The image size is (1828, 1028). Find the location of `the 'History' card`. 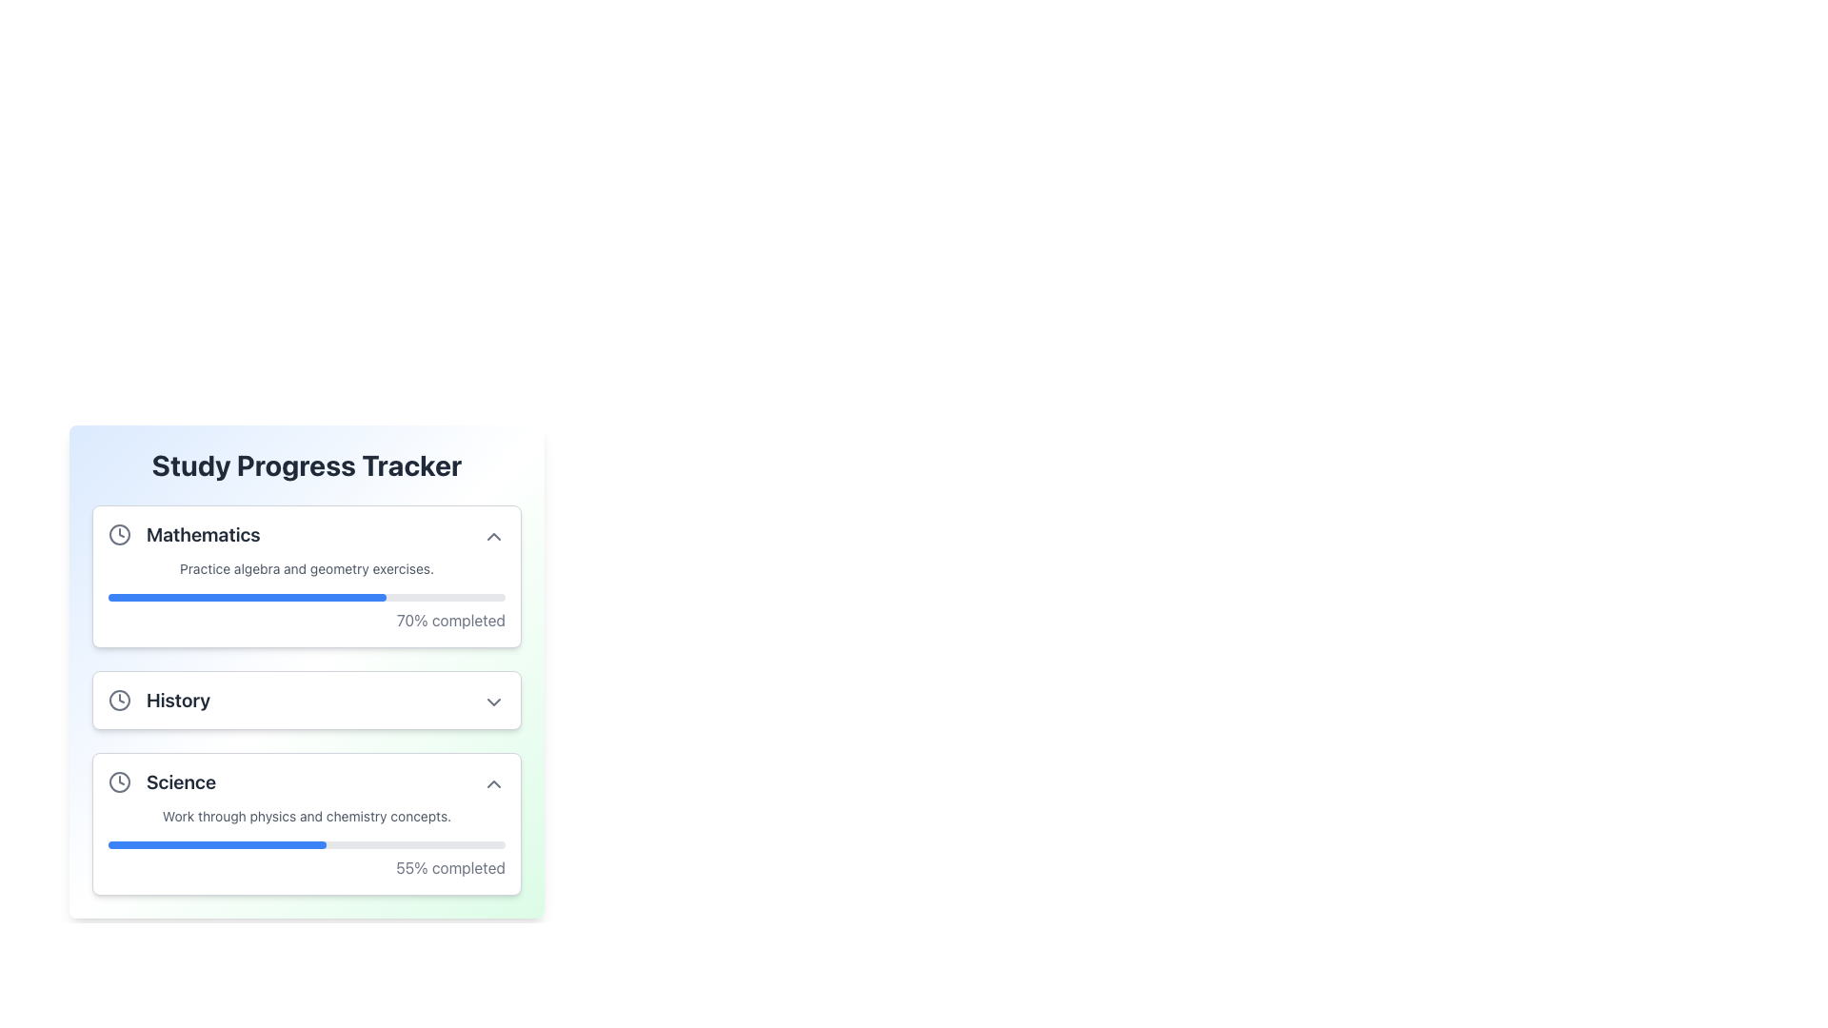

the 'History' card is located at coordinates (307, 701).